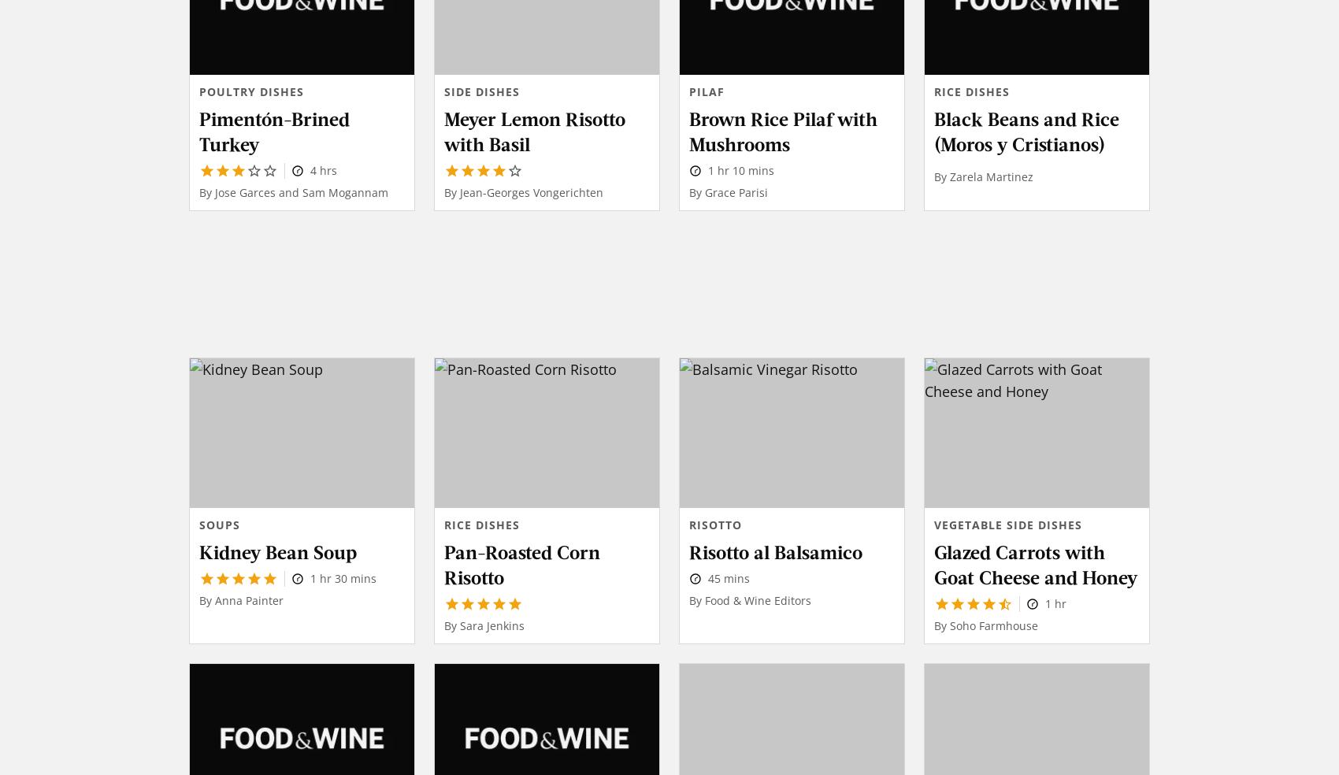  Describe the element at coordinates (443, 130) in the screenshot. I see `'Meyer Lemon Risotto with Basil'` at that location.